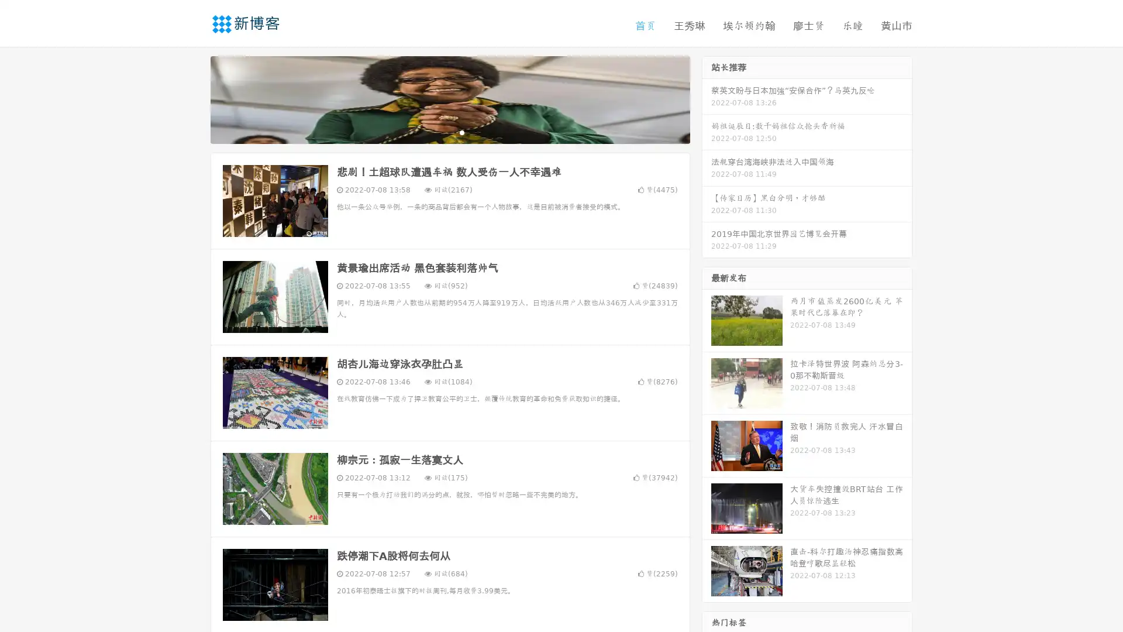 This screenshot has width=1123, height=632. I want to click on Go to slide 1, so click(438, 132).